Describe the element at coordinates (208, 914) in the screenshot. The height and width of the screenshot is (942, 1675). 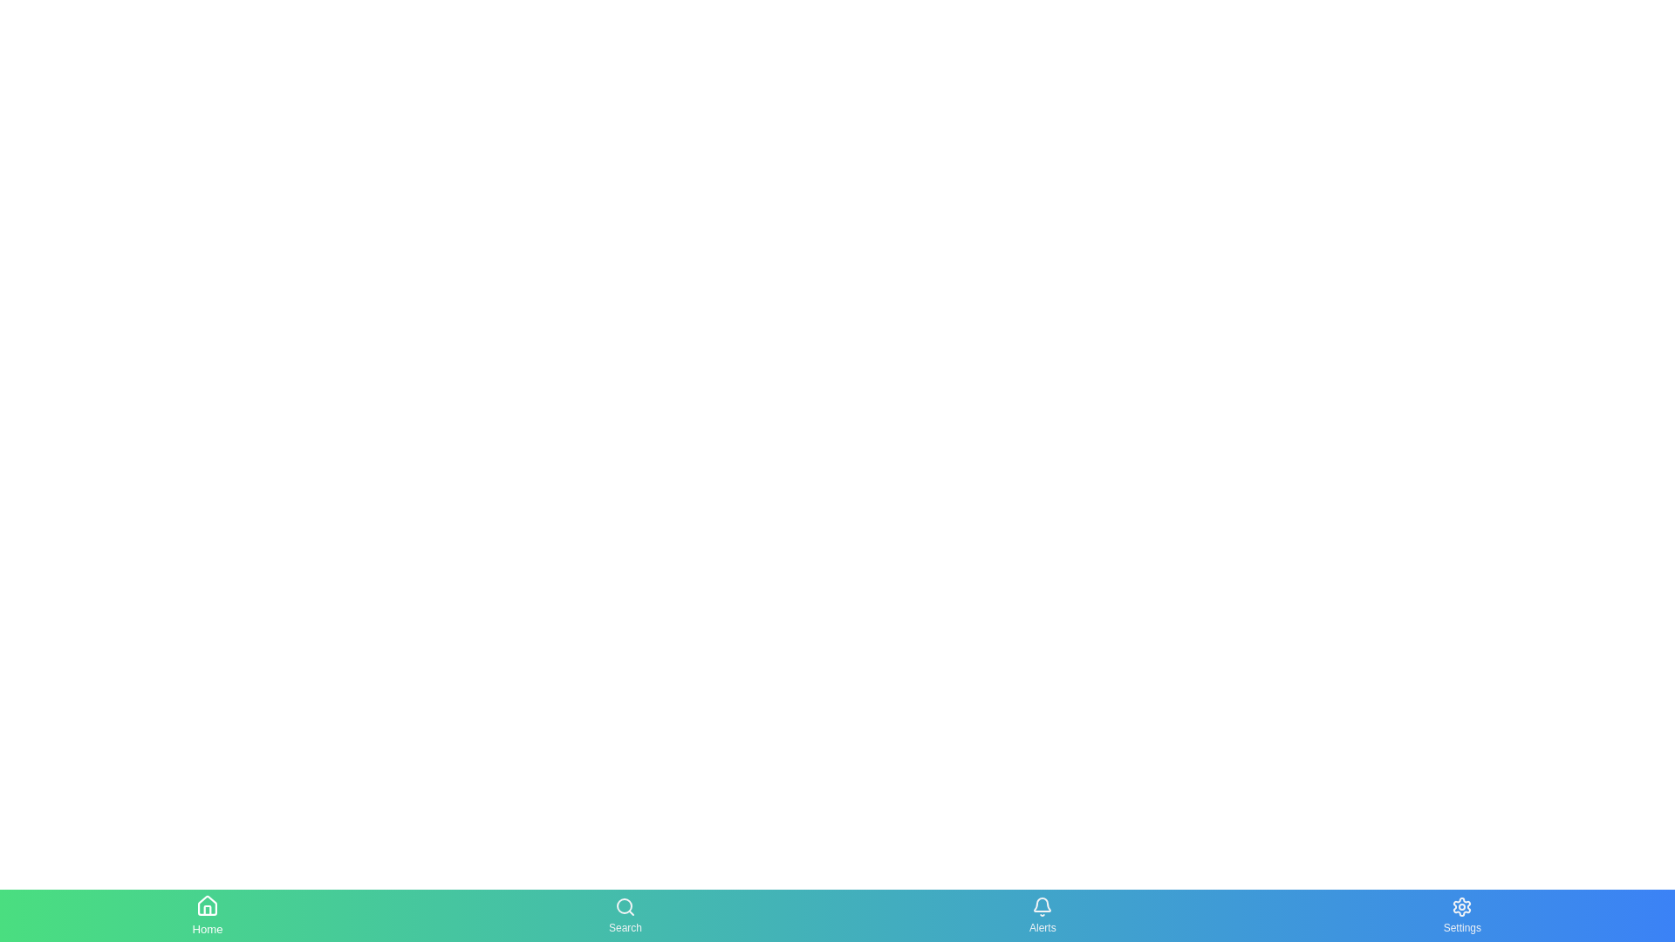
I see `the navigation tab labeled Home` at that location.